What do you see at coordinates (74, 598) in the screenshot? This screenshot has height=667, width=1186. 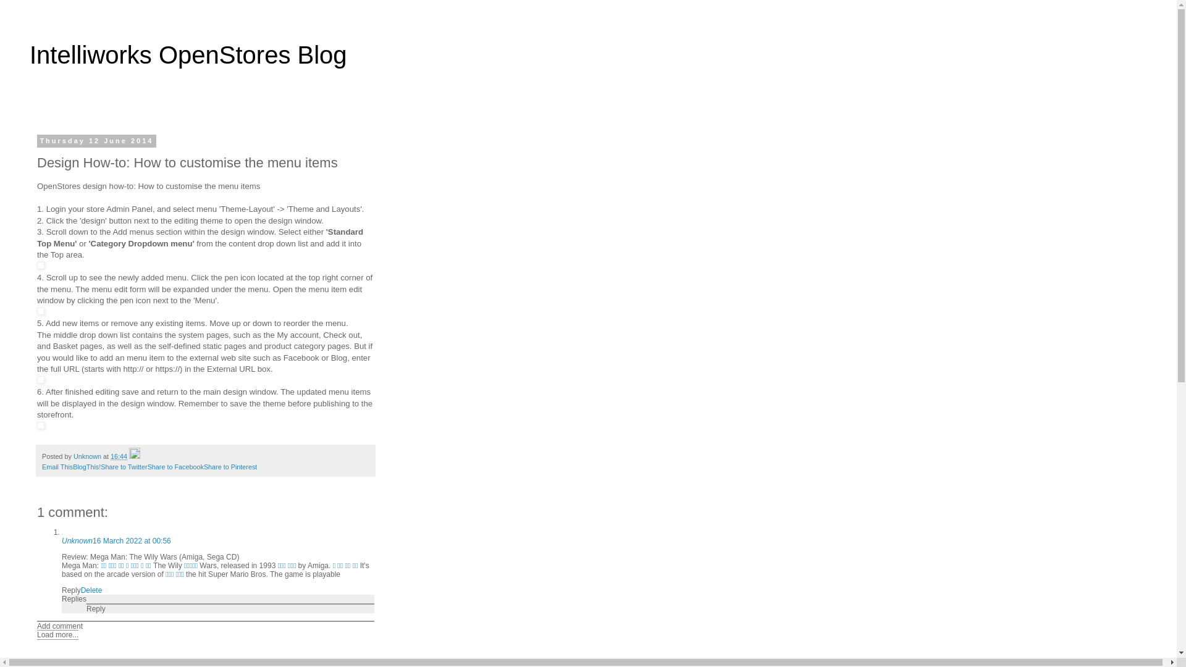 I see `'Replies'` at bounding box center [74, 598].